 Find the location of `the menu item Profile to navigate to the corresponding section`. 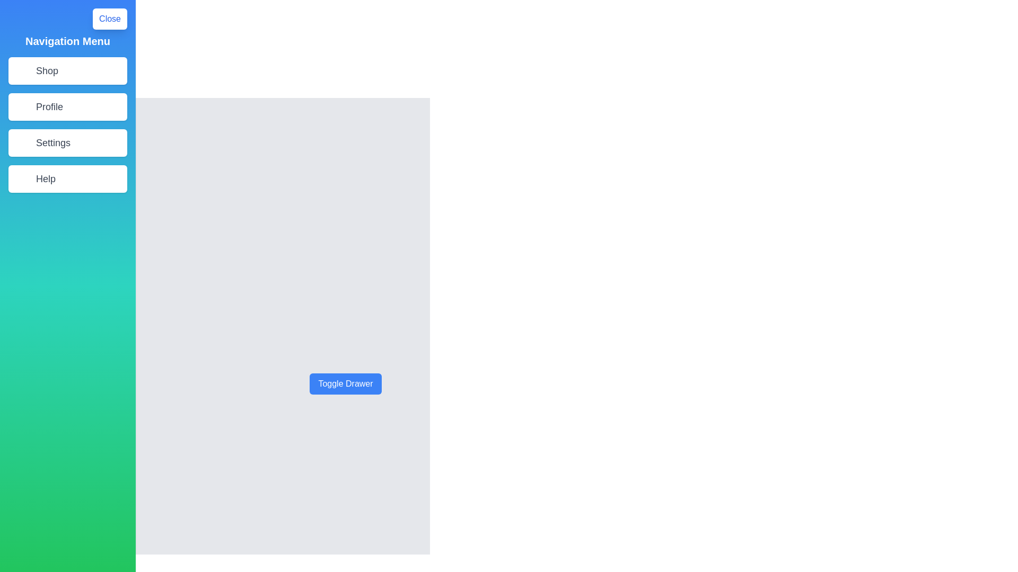

the menu item Profile to navigate to the corresponding section is located at coordinates (67, 106).